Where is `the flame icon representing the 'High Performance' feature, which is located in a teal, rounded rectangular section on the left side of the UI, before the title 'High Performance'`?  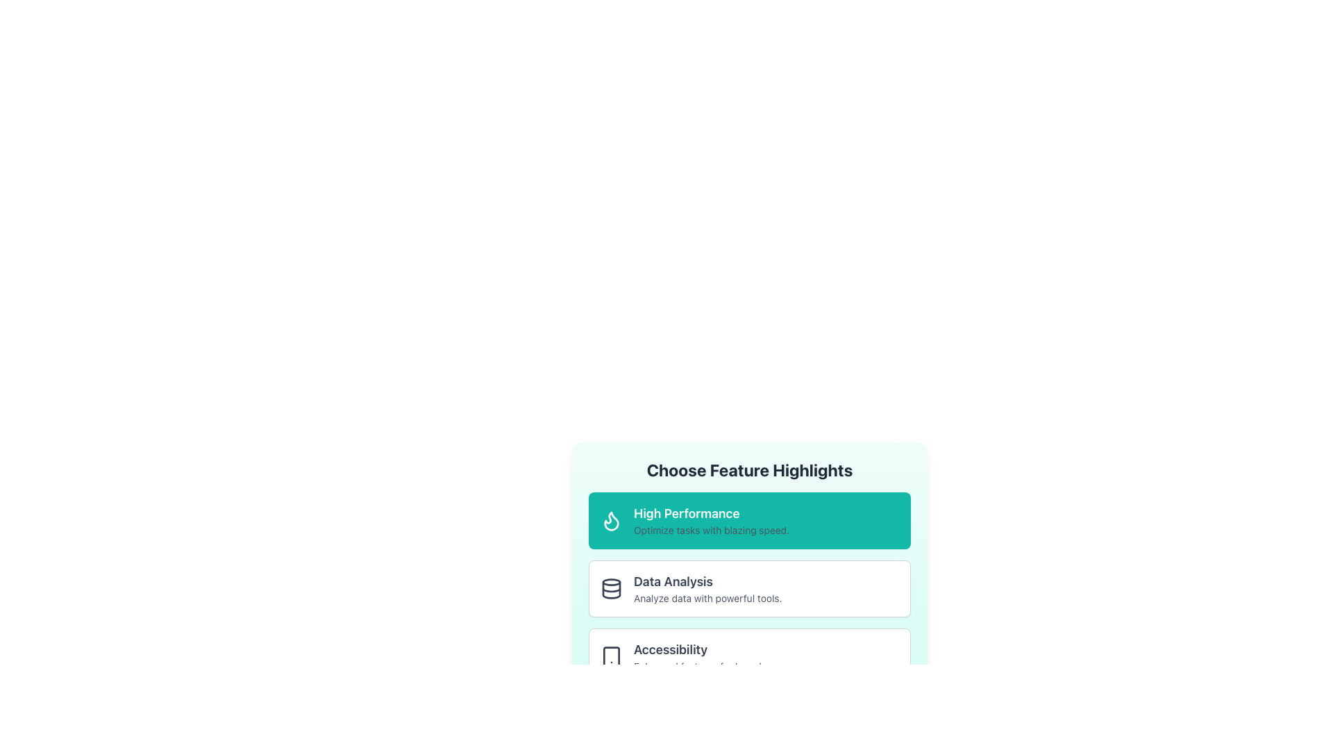 the flame icon representing the 'High Performance' feature, which is located in a teal, rounded rectangular section on the left side of the UI, before the title 'High Performance' is located at coordinates (611, 520).